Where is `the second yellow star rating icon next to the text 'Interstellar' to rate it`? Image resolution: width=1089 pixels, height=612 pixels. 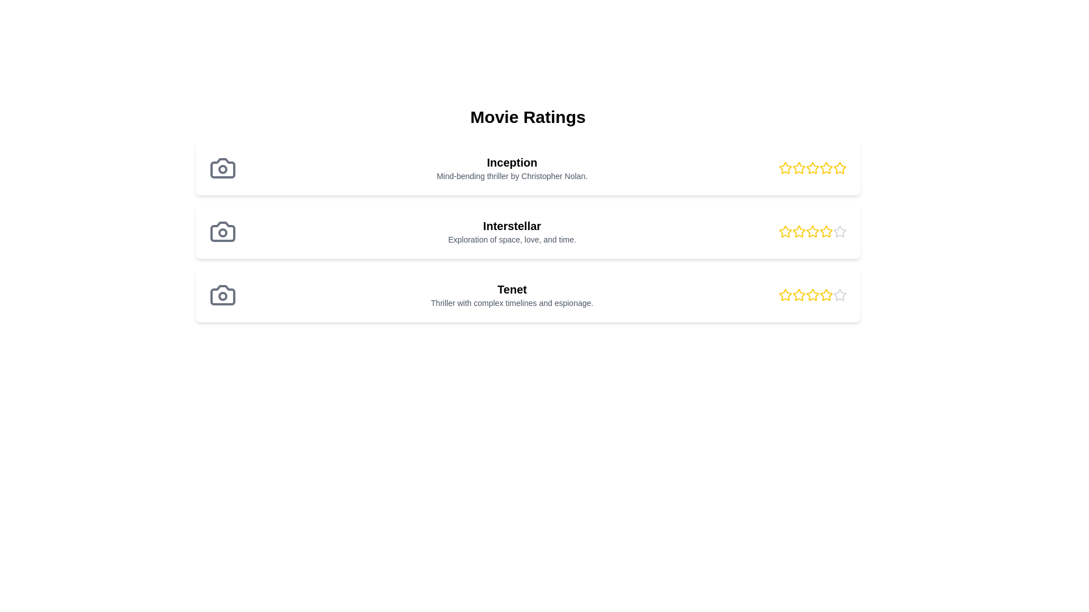 the second yellow star rating icon next to the text 'Interstellar' to rate it is located at coordinates (784, 231).